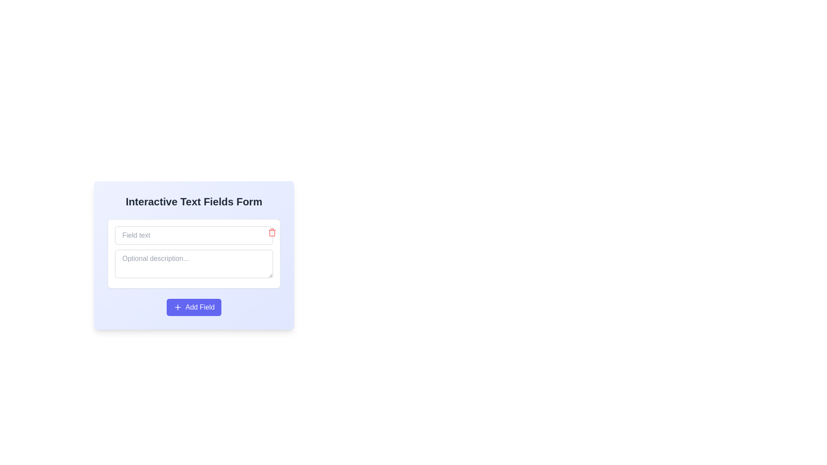 The image size is (827, 465). Describe the element at coordinates (193, 278) in the screenshot. I see `the multi-line text input field located below the 'Field text' input and beneath the main title 'Interactive Text Fields Form' by pressing the Tab key` at that location.